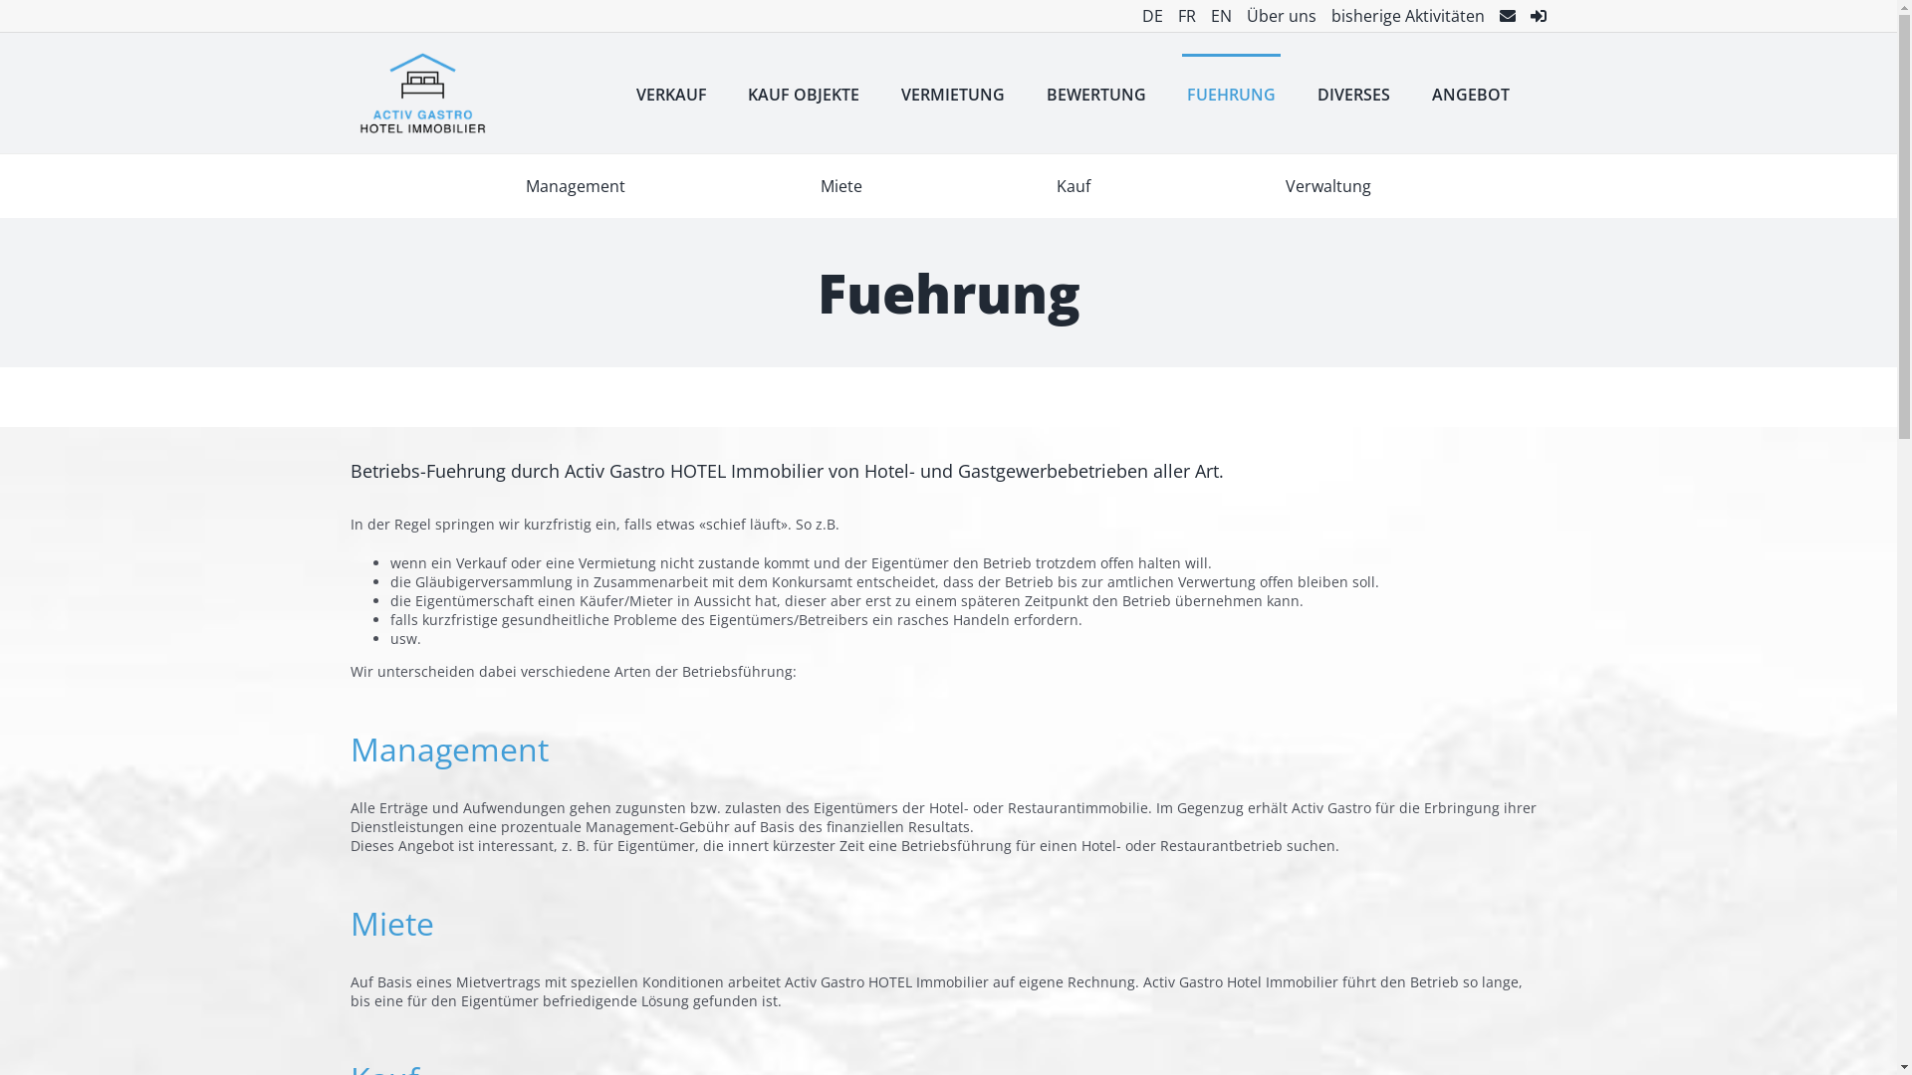 The width and height of the screenshot is (1912, 1075). What do you see at coordinates (1041, 93) in the screenshot?
I see `'BEWERTUNG'` at bounding box center [1041, 93].